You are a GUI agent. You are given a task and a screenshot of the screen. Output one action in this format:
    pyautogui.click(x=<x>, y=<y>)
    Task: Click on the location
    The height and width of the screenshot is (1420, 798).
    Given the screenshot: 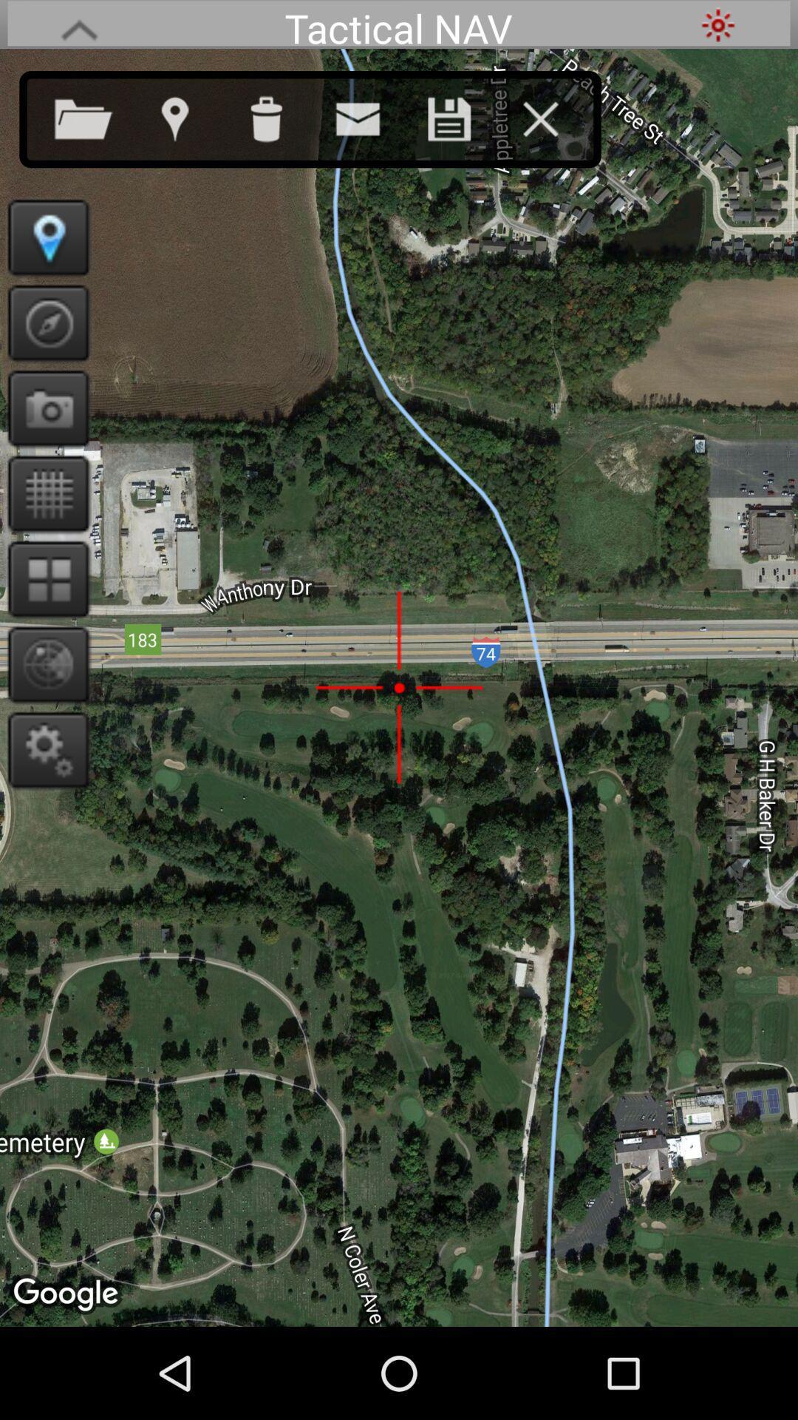 What is the action you would take?
    pyautogui.click(x=188, y=115)
    